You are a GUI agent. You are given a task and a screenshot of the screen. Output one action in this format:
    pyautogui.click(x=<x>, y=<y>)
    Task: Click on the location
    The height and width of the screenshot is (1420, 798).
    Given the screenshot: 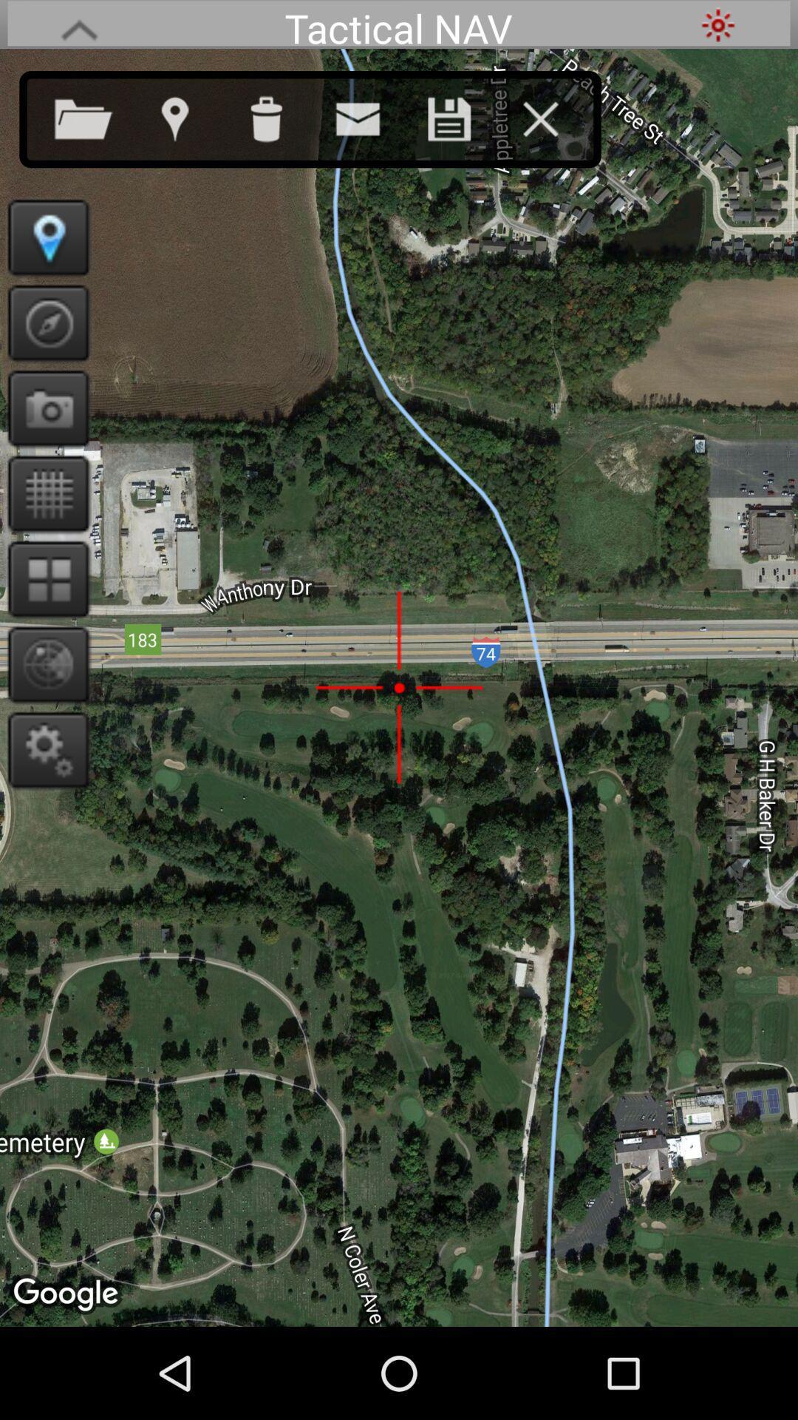 What is the action you would take?
    pyautogui.click(x=188, y=115)
    